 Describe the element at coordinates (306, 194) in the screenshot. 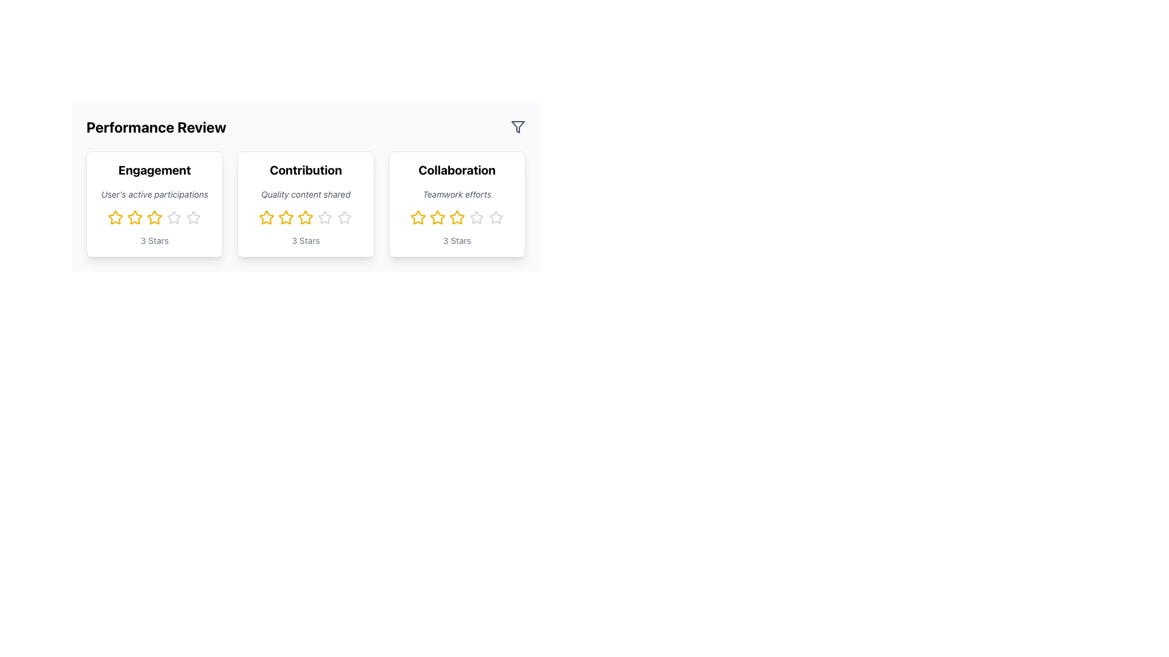

I see `the second line of text in the 'Contribution' card that provides supplementary information related to the card's title and rating system` at that location.